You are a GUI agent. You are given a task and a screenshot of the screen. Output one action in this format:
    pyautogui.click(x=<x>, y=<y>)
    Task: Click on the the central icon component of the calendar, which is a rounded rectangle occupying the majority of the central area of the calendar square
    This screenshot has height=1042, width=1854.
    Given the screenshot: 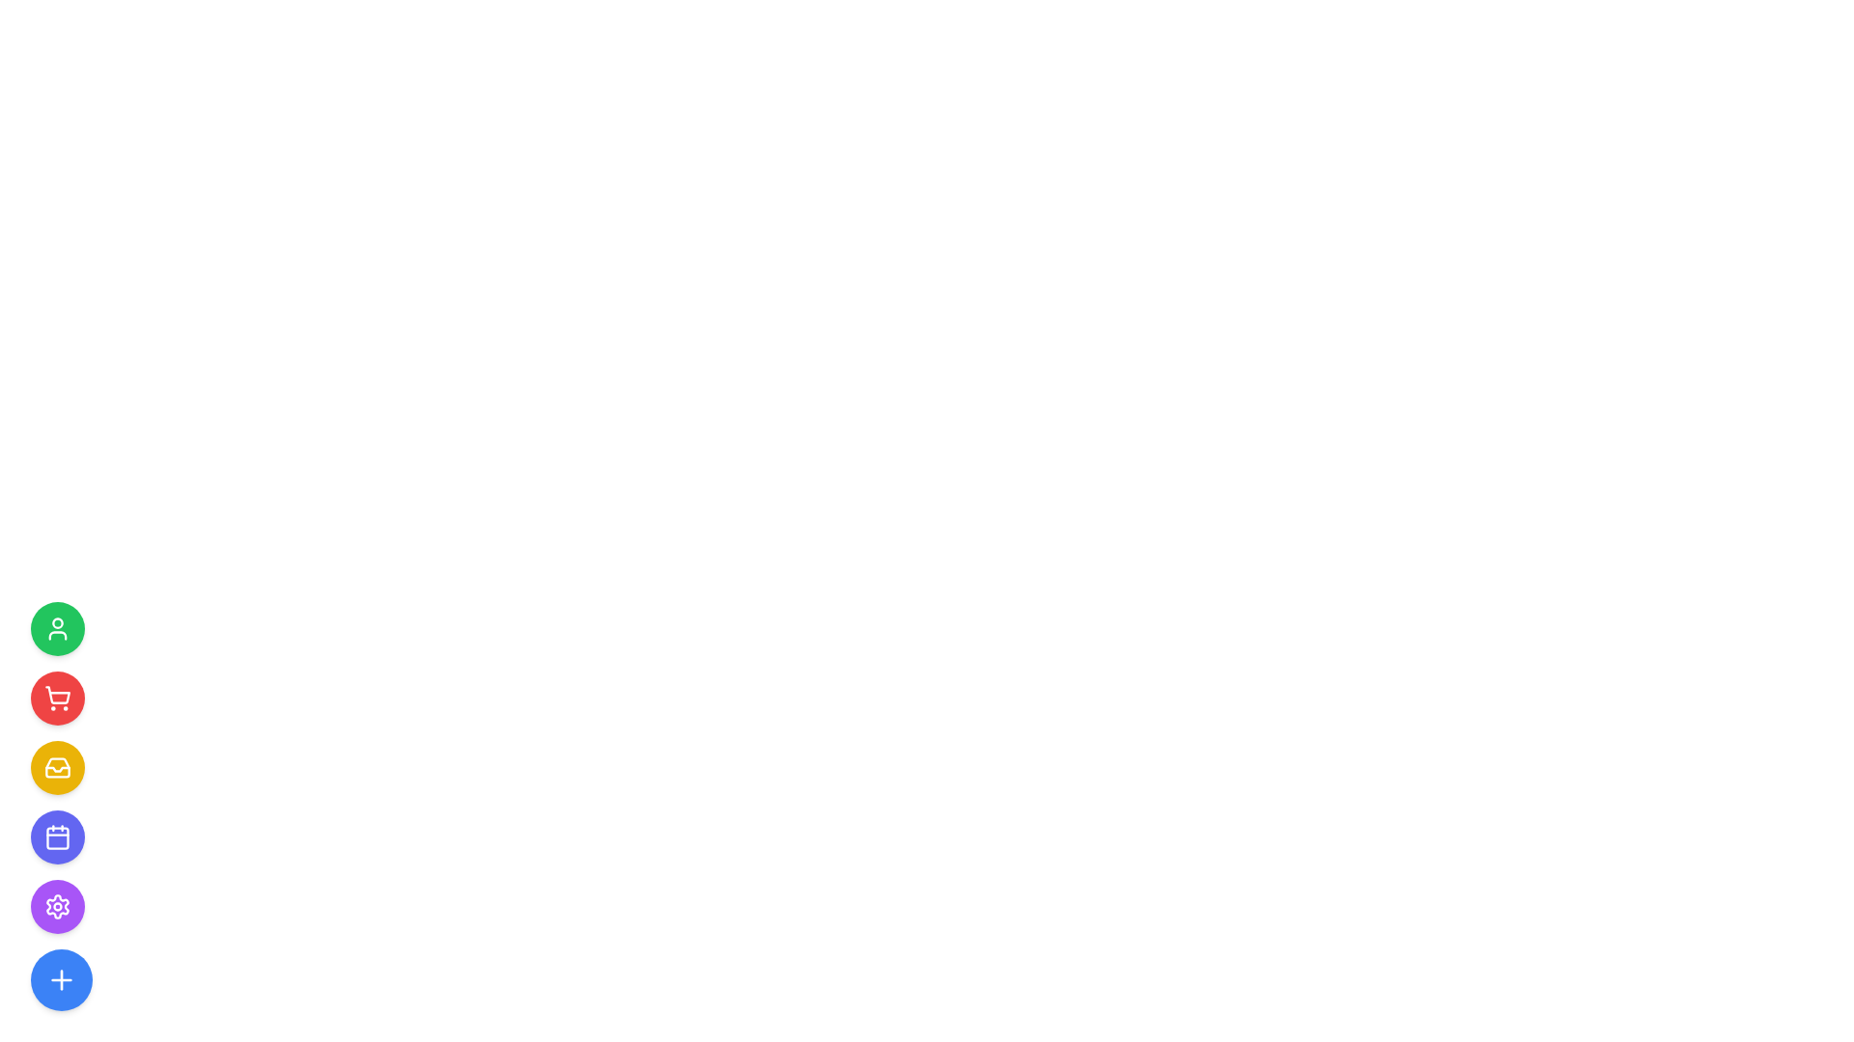 What is the action you would take?
    pyautogui.click(x=57, y=836)
    